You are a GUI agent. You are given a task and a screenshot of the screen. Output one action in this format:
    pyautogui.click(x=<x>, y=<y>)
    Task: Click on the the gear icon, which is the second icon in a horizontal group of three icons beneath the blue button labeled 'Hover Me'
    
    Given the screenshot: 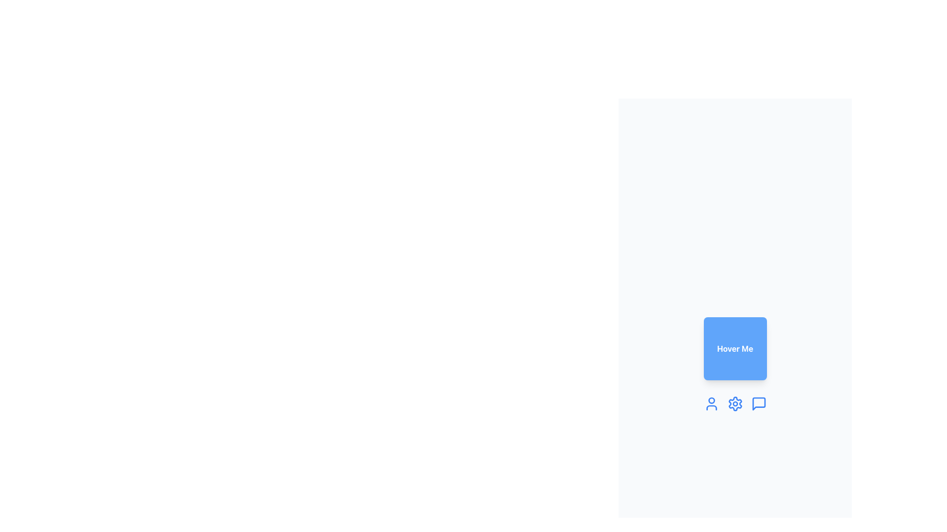 What is the action you would take?
    pyautogui.click(x=735, y=404)
    